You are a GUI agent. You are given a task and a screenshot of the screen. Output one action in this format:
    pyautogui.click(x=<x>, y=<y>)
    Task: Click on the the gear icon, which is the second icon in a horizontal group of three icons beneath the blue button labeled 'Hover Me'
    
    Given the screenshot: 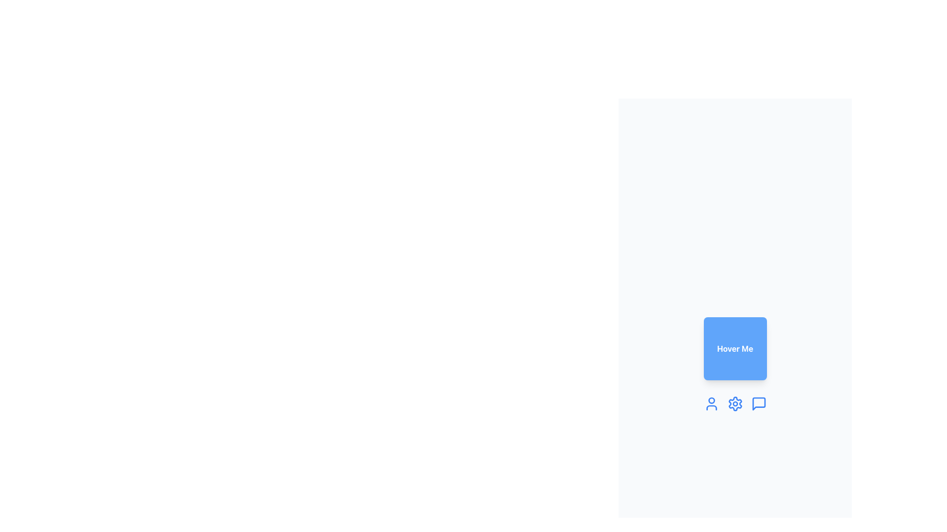 What is the action you would take?
    pyautogui.click(x=735, y=404)
    